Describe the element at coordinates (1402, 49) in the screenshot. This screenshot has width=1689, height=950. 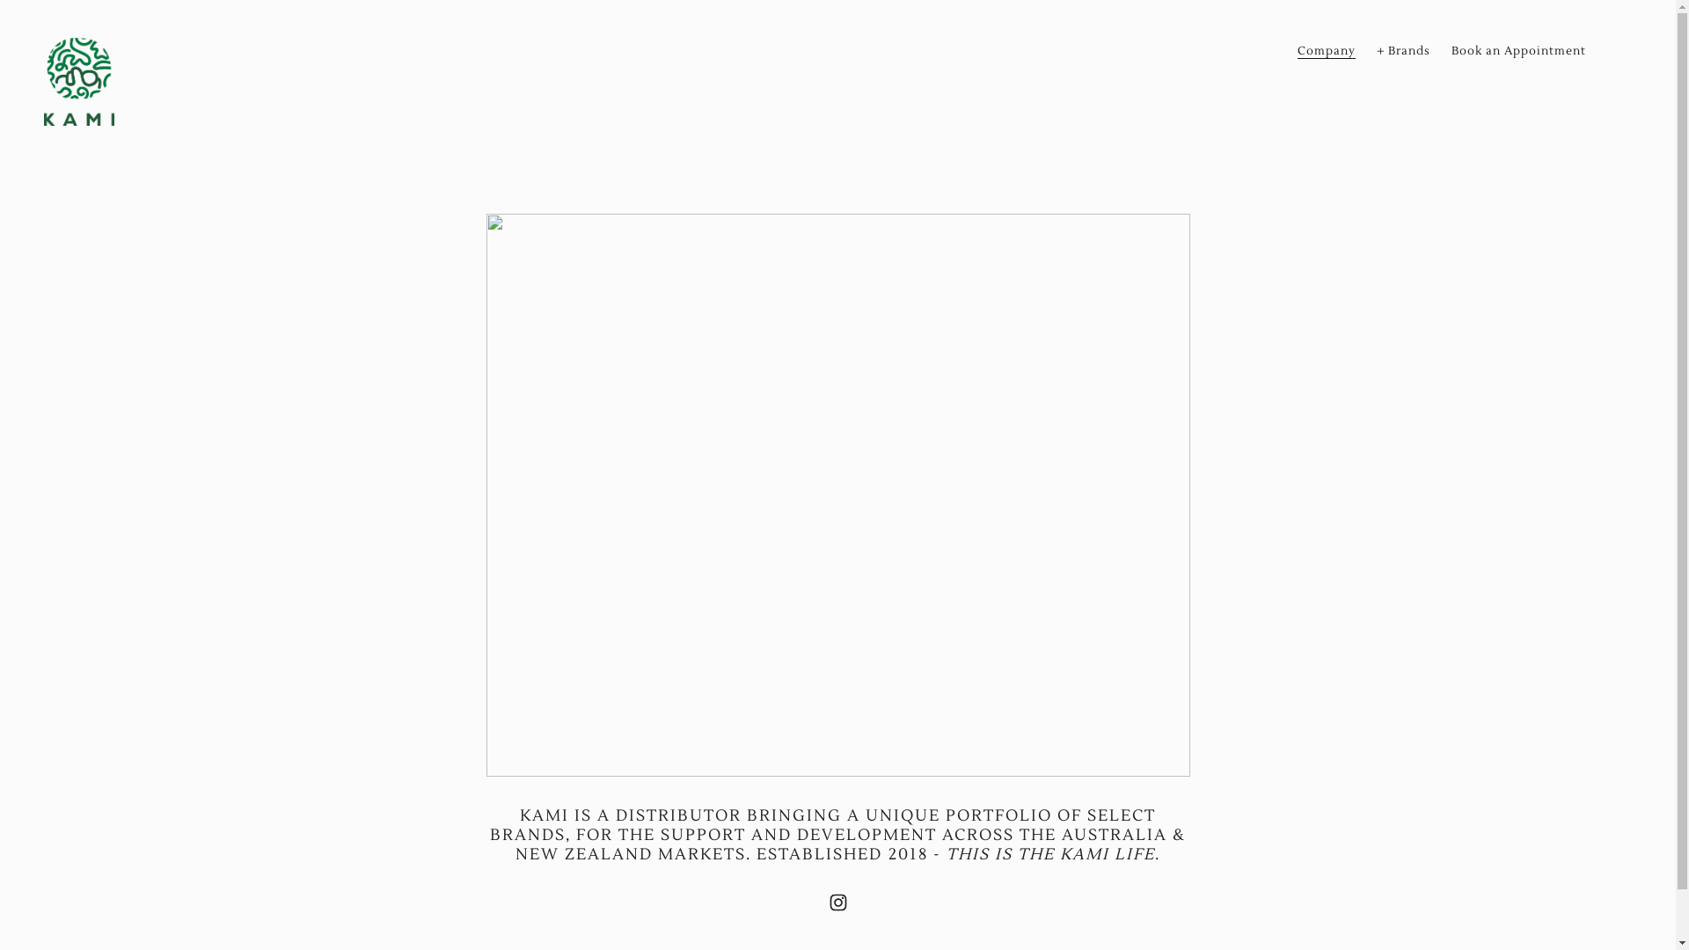
I see `'Brands'` at that location.